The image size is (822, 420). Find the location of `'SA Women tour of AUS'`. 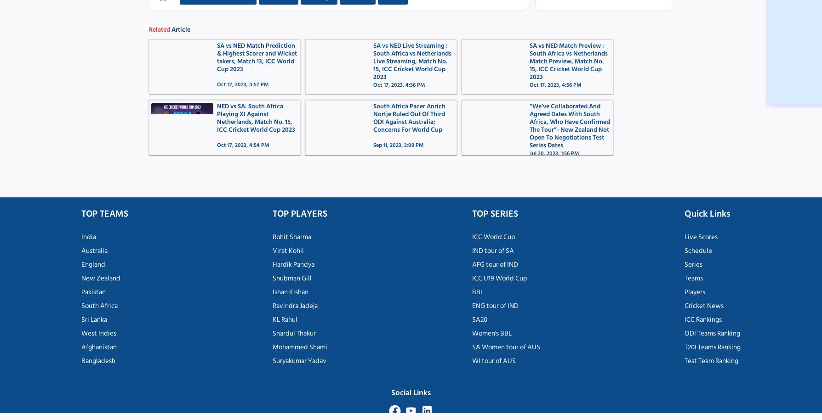

'SA Women tour of AUS' is located at coordinates (505, 347).